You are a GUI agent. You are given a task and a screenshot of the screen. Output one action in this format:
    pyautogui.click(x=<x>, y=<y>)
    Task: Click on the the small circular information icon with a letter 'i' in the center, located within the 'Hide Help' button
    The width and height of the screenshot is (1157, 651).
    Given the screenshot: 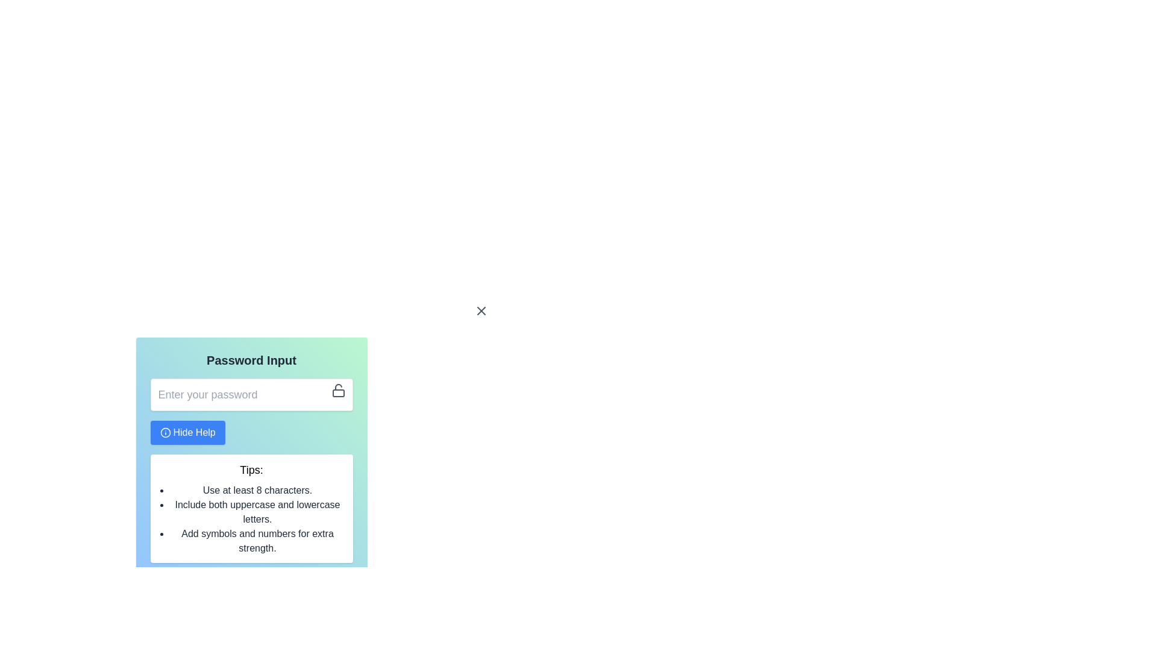 What is the action you would take?
    pyautogui.click(x=165, y=432)
    